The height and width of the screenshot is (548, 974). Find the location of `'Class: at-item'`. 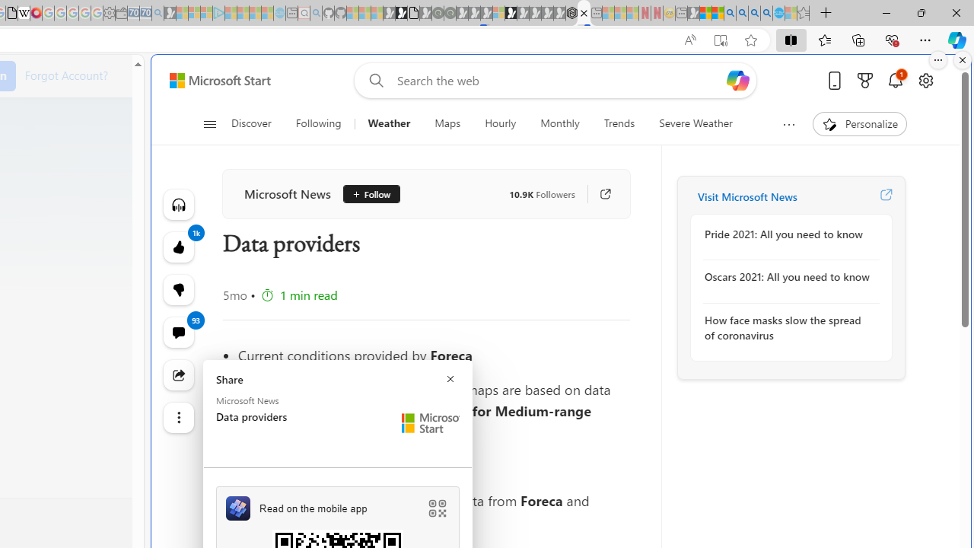

'Class: at-item' is located at coordinates (178, 418).